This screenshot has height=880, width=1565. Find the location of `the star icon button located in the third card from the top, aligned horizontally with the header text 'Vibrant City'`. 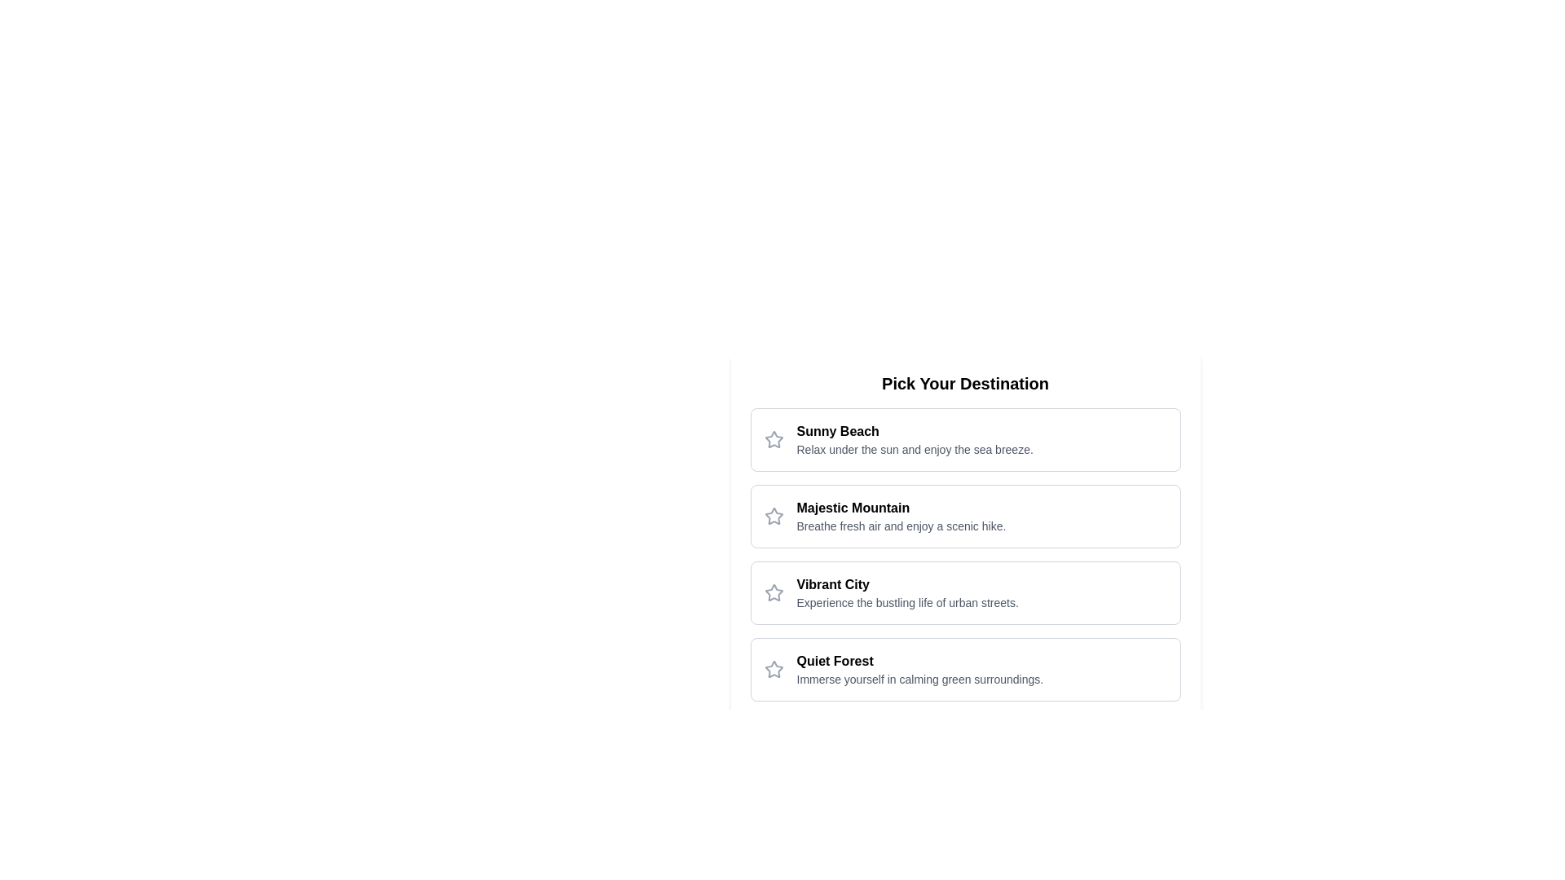

the star icon button located in the third card from the top, aligned horizontally with the header text 'Vibrant City' is located at coordinates (773, 593).